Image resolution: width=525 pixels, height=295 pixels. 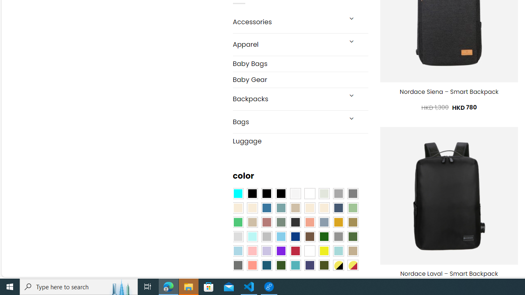 What do you see at coordinates (237, 194) in the screenshot?
I see `'Aqua Blue'` at bounding box center [237, 194].